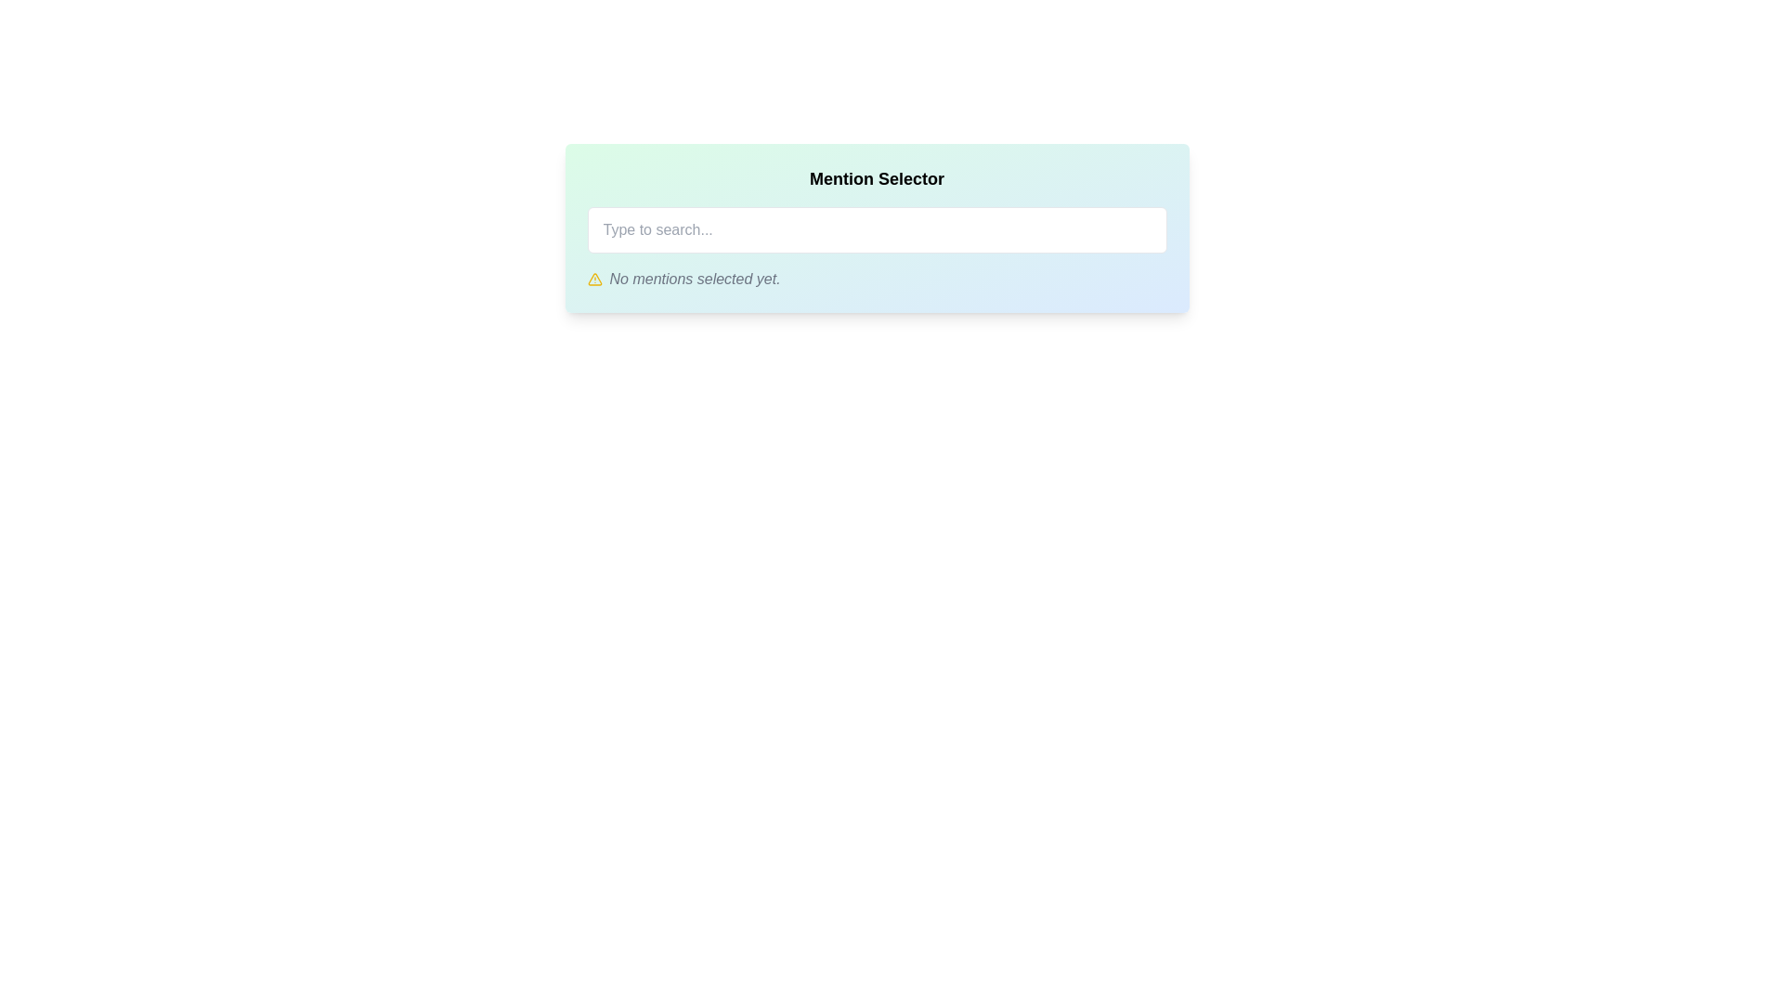 The width and height of the screenshot is (1783, 1003). What do you see at coordinates (594, 279) in the screenshot?
I see `the small triangular warning icon with a yellow border located to the left of the text 'No mentions selected yet.'` at bounding box center [594, 279].